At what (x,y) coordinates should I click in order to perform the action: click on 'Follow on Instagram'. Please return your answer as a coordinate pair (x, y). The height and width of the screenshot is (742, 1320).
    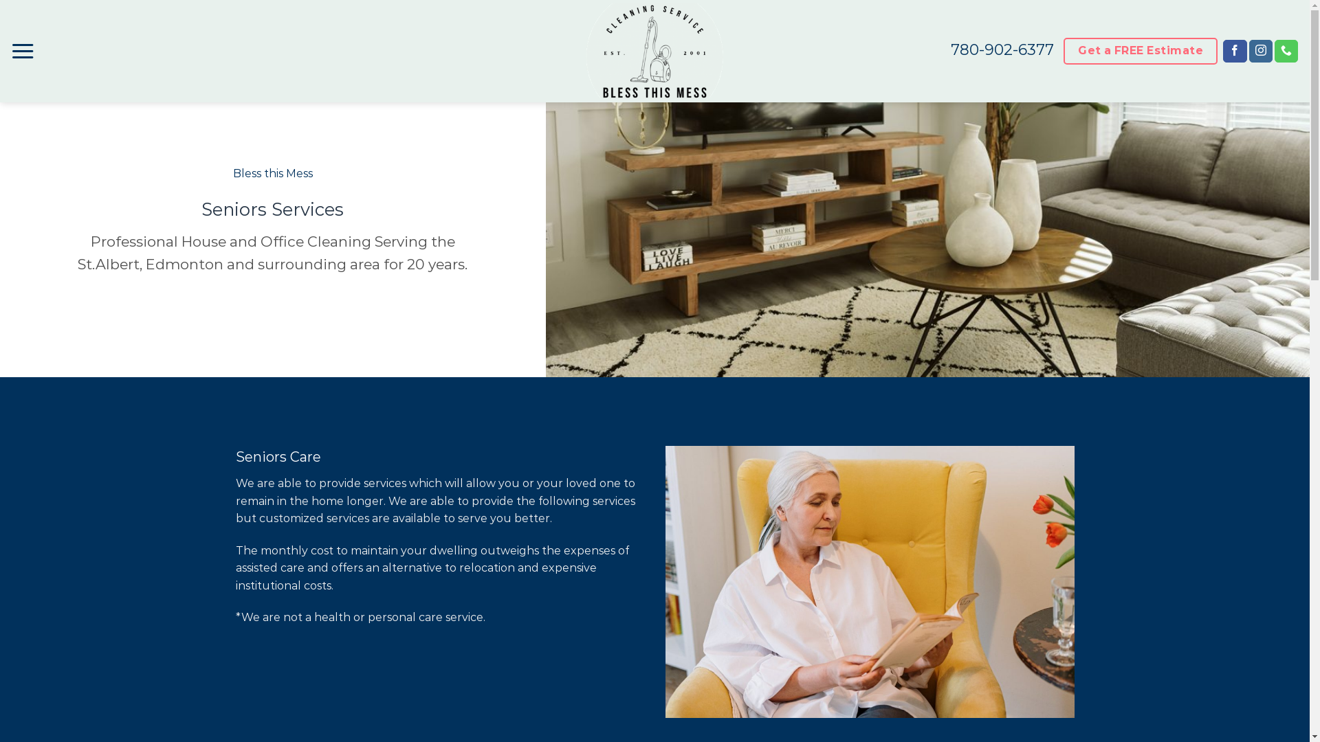
    Looking at the image, I should click on (1260, 50).